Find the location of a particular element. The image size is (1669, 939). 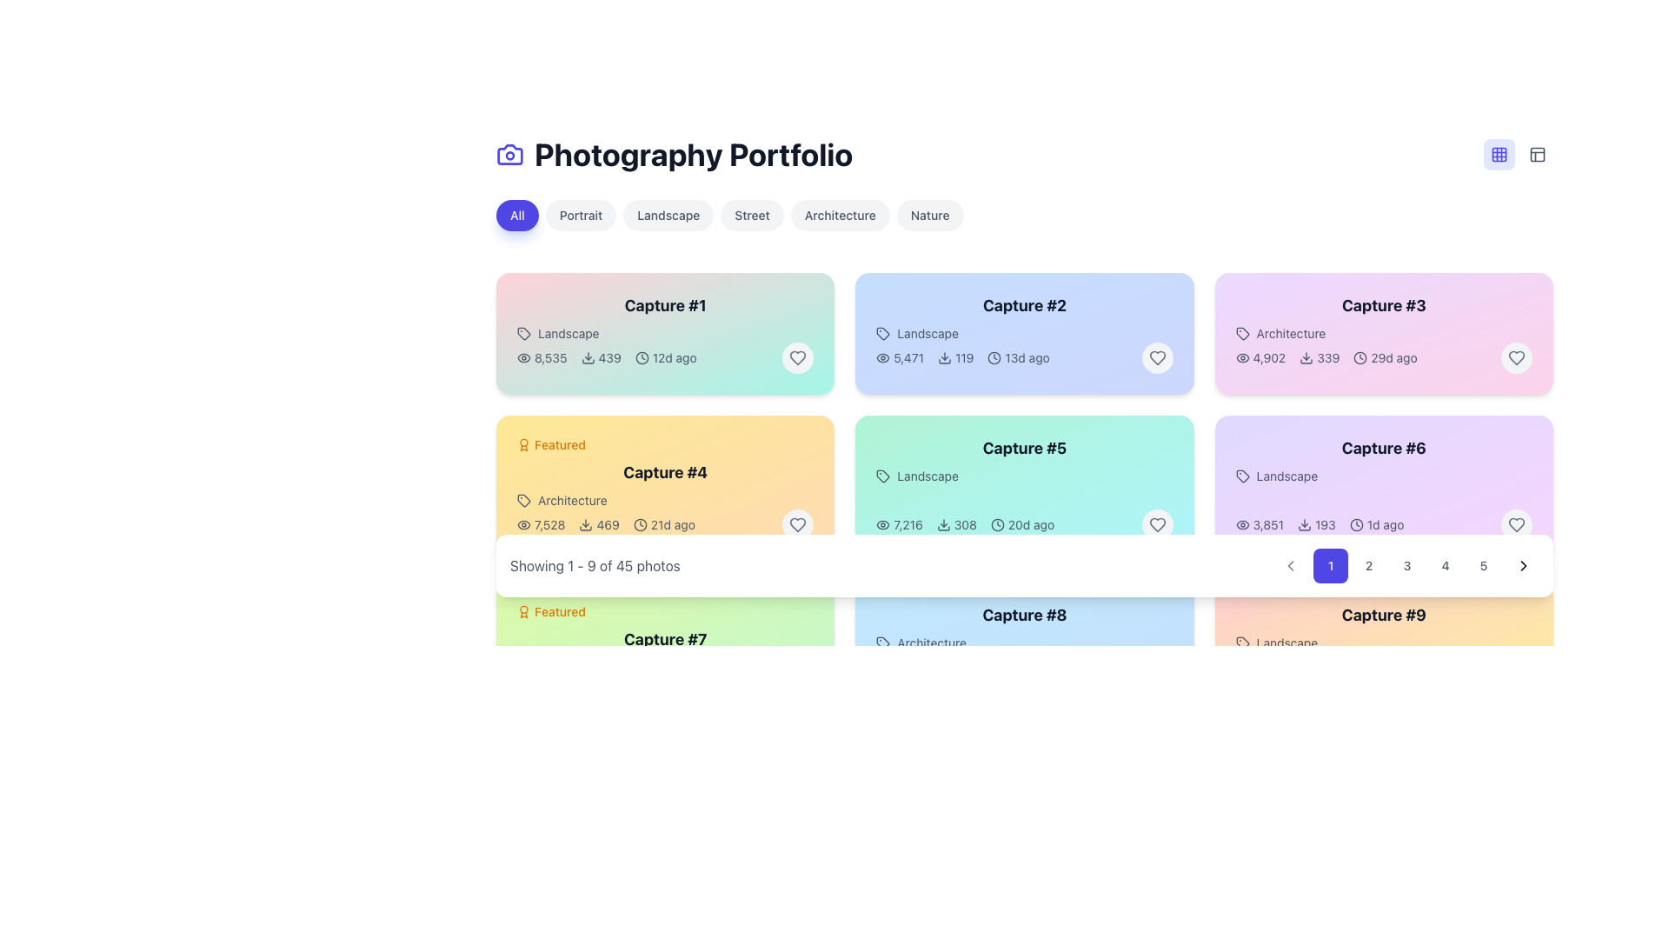

the toggle layout button located in the top-right corner of the interface to observe the visual feedback is located at coordinates (1538, 153).